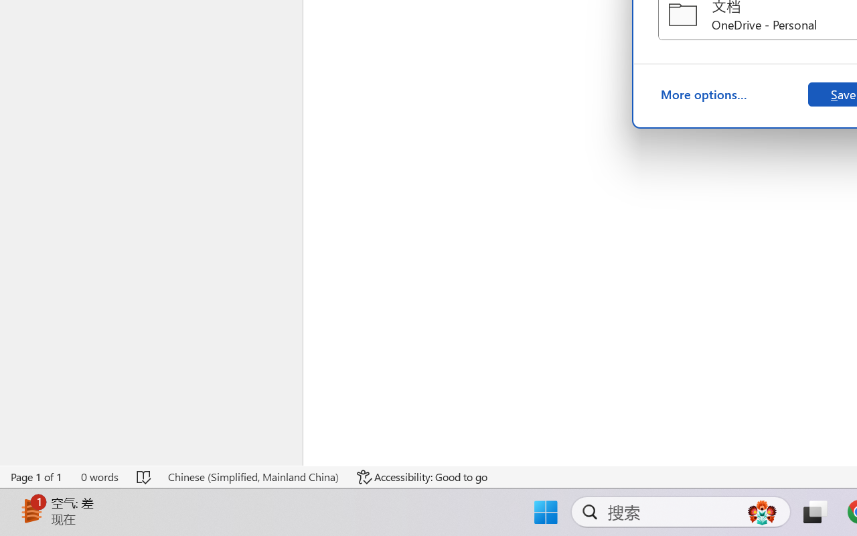 The width and height of the screenshot is (857, 536). I want to click on 'Language Chinese (Simplified, Mainland China)', so click(253, 476).